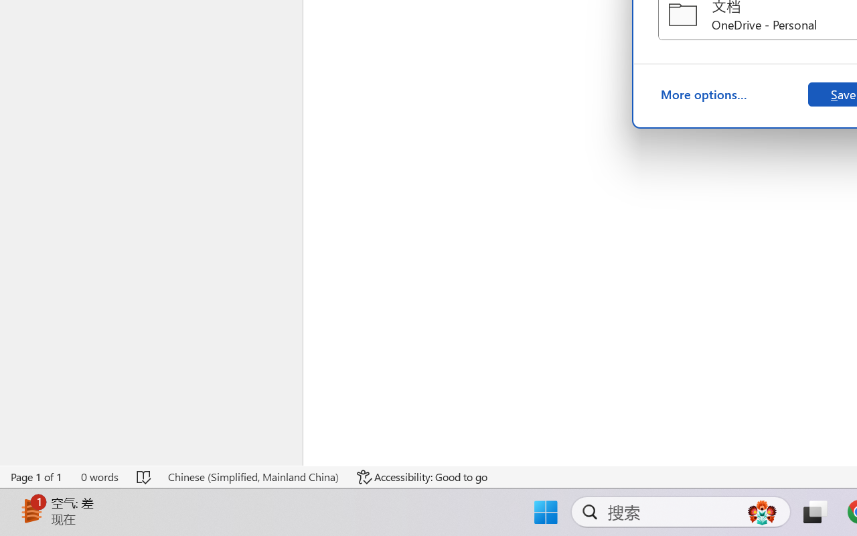 The width and height of the screenshot is (857, 536). I want to click on 'Language Chinese (Simplified, Mainland China)', so click(253, 476).